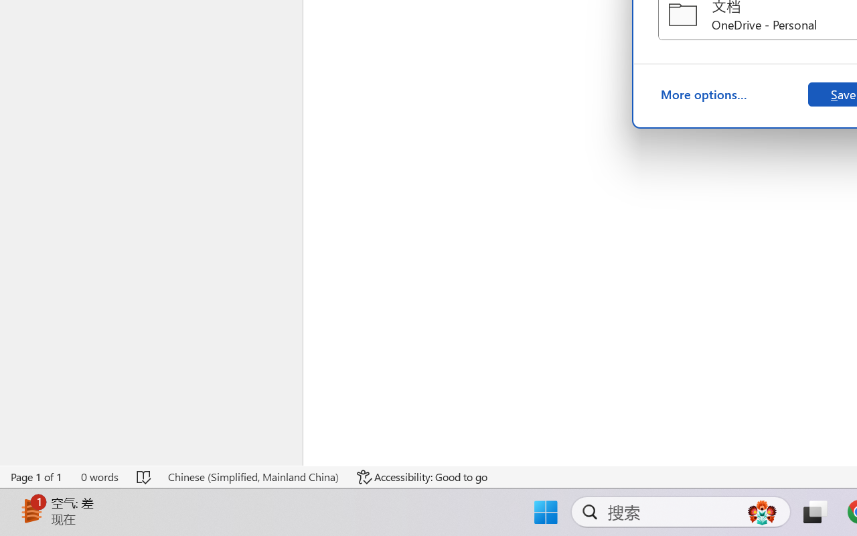 The width and height of the screenshot is (857, 536). I want to click on 'Language Chinese (Simplified, Mainland China)', so click(253, 476).